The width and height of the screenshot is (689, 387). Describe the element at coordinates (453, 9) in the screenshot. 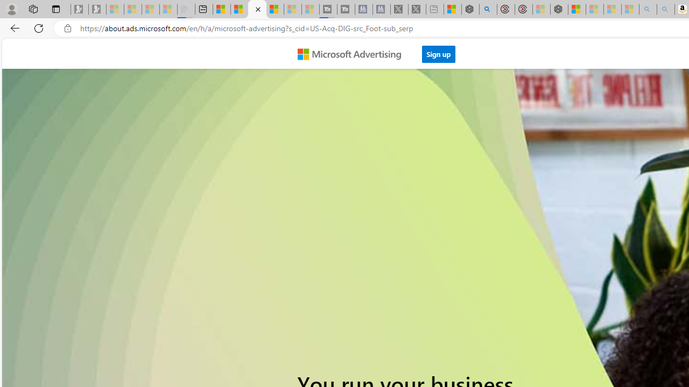

I see `'Wildlife - MSN'` at that location.